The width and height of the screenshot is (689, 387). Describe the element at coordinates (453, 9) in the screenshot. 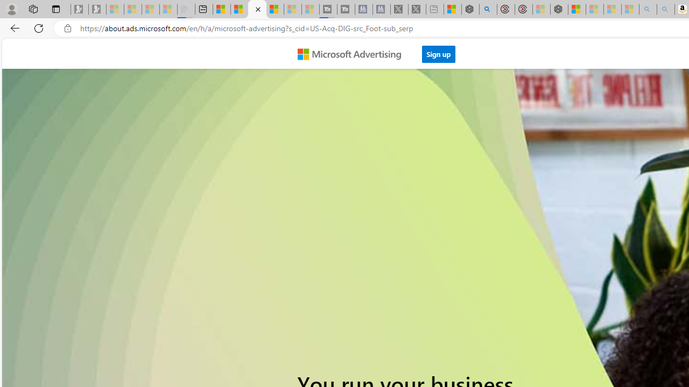

I see `'Wildlife - MSN'` at that location.